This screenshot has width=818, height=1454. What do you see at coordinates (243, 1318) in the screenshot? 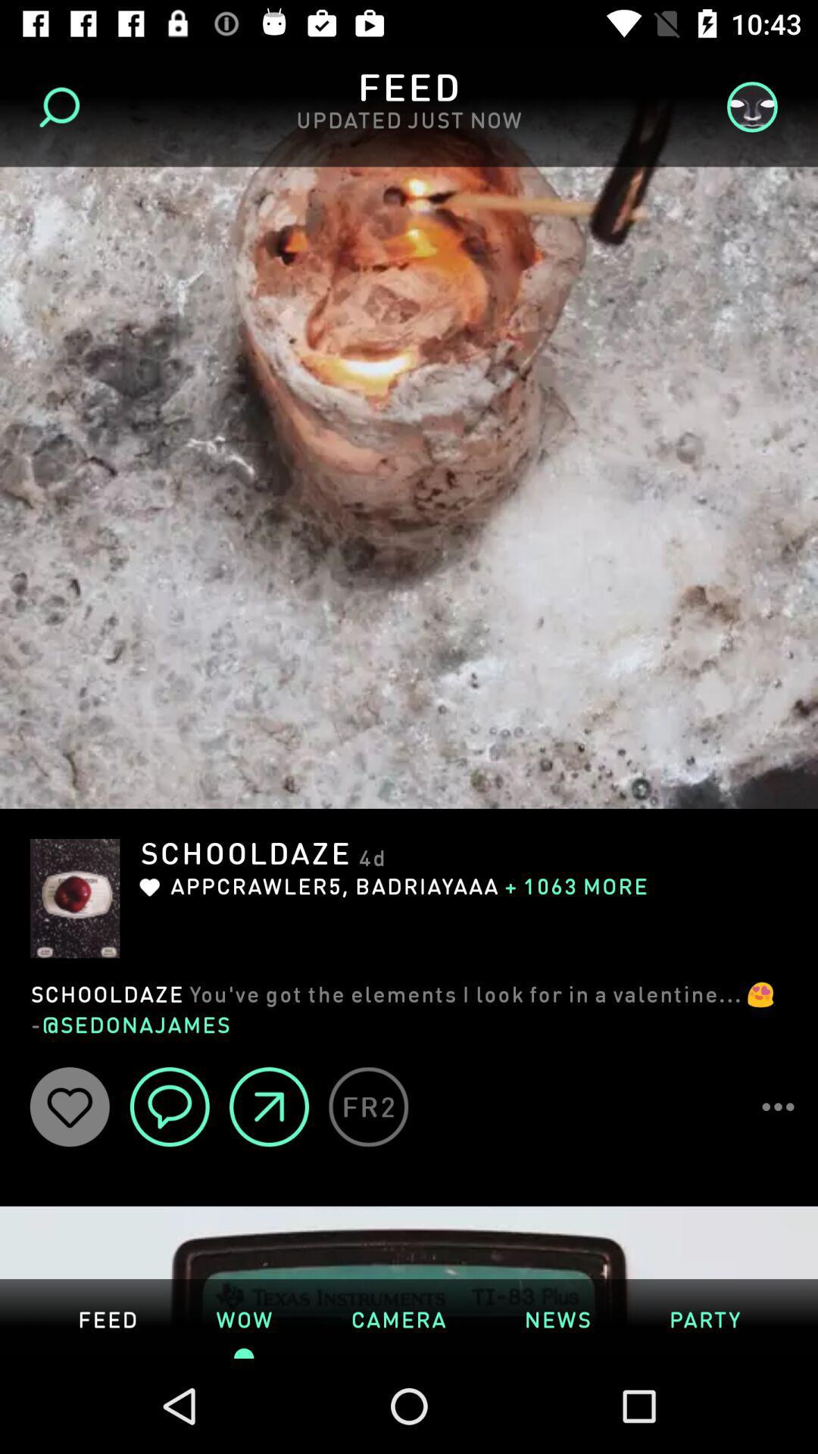
I see `wow` at bounding box center [243, 1318].